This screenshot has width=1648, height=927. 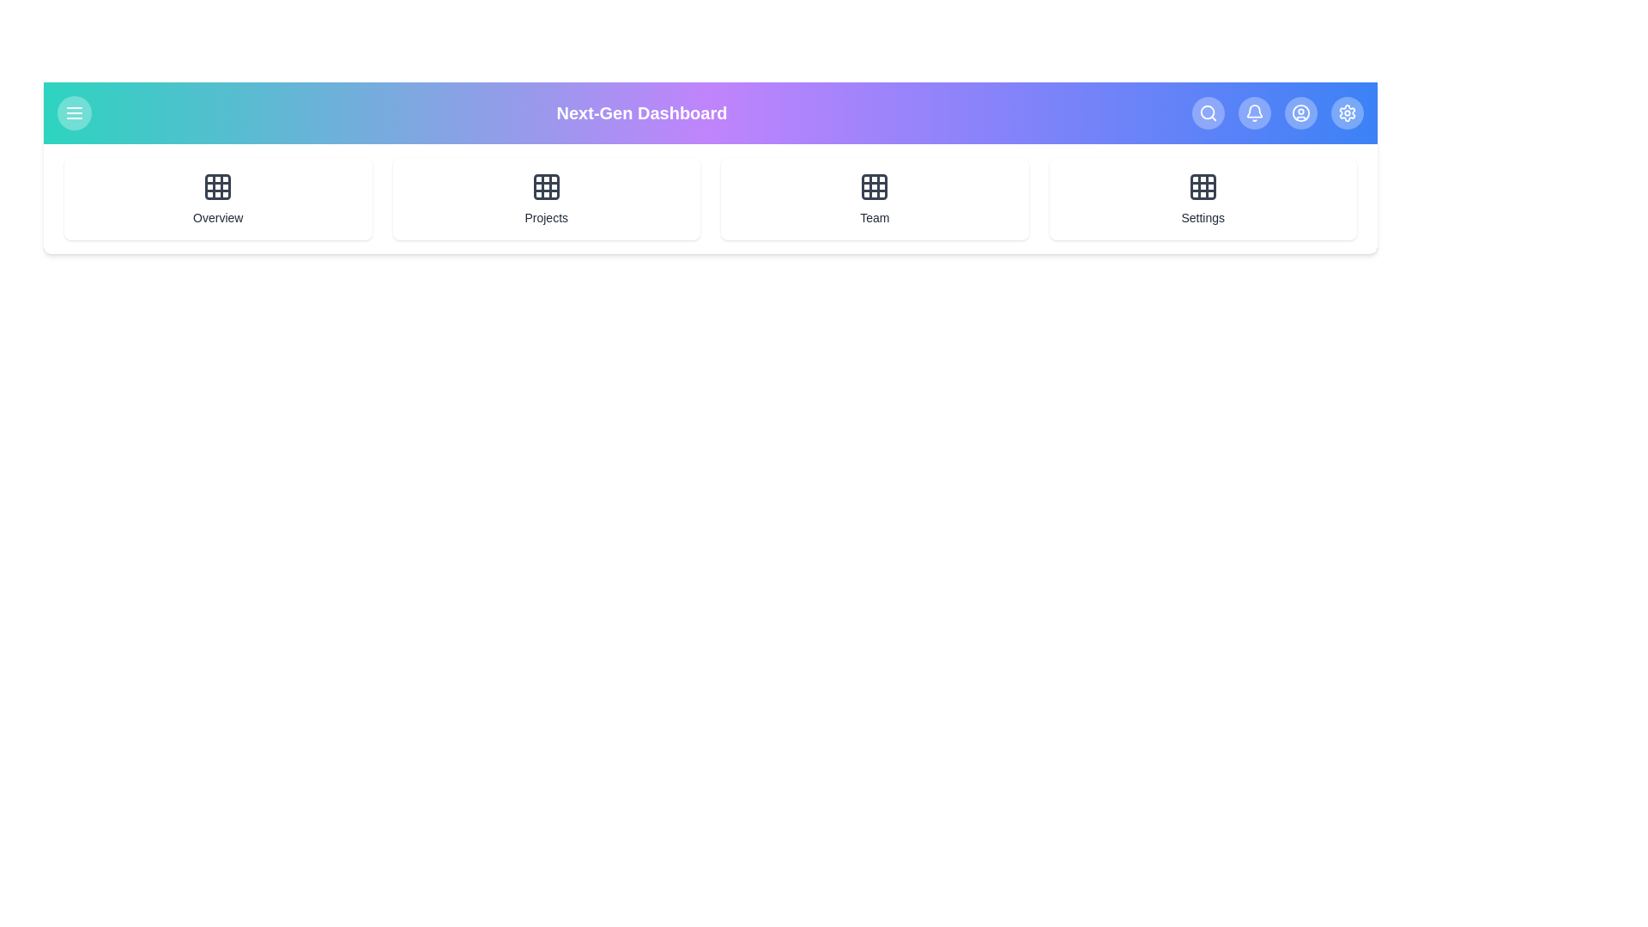 What do you see at coordinates (1346, 112) in the screenshot?
I see `the settings button in the app bar` at bounding box center [1346, 112].